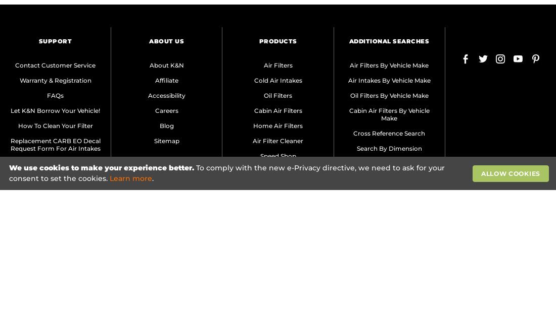 The width and height of the screenshot is (556, 314). What do you see at coordinates (166, 80) in the screenshot?
I see `'Affiliate'` at bounding box center [166, 80].